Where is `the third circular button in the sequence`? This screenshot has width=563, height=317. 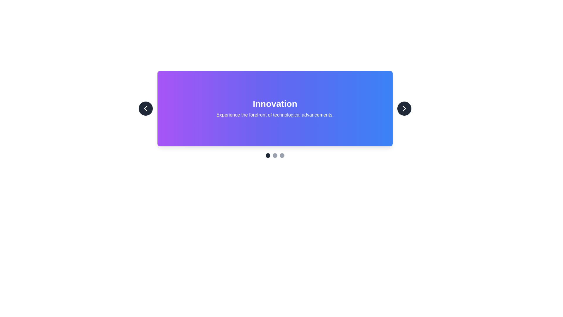
the third circular button in the sequence is located at coordinates (282, 155).